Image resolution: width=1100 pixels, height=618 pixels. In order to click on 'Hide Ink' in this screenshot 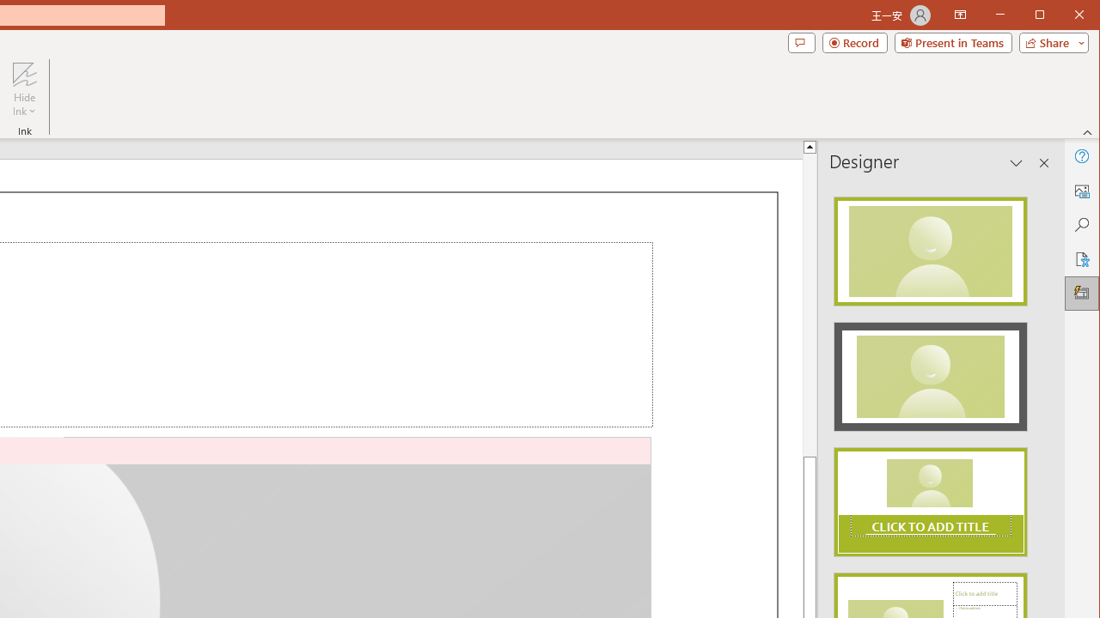, I will do `click(24, 89)`.